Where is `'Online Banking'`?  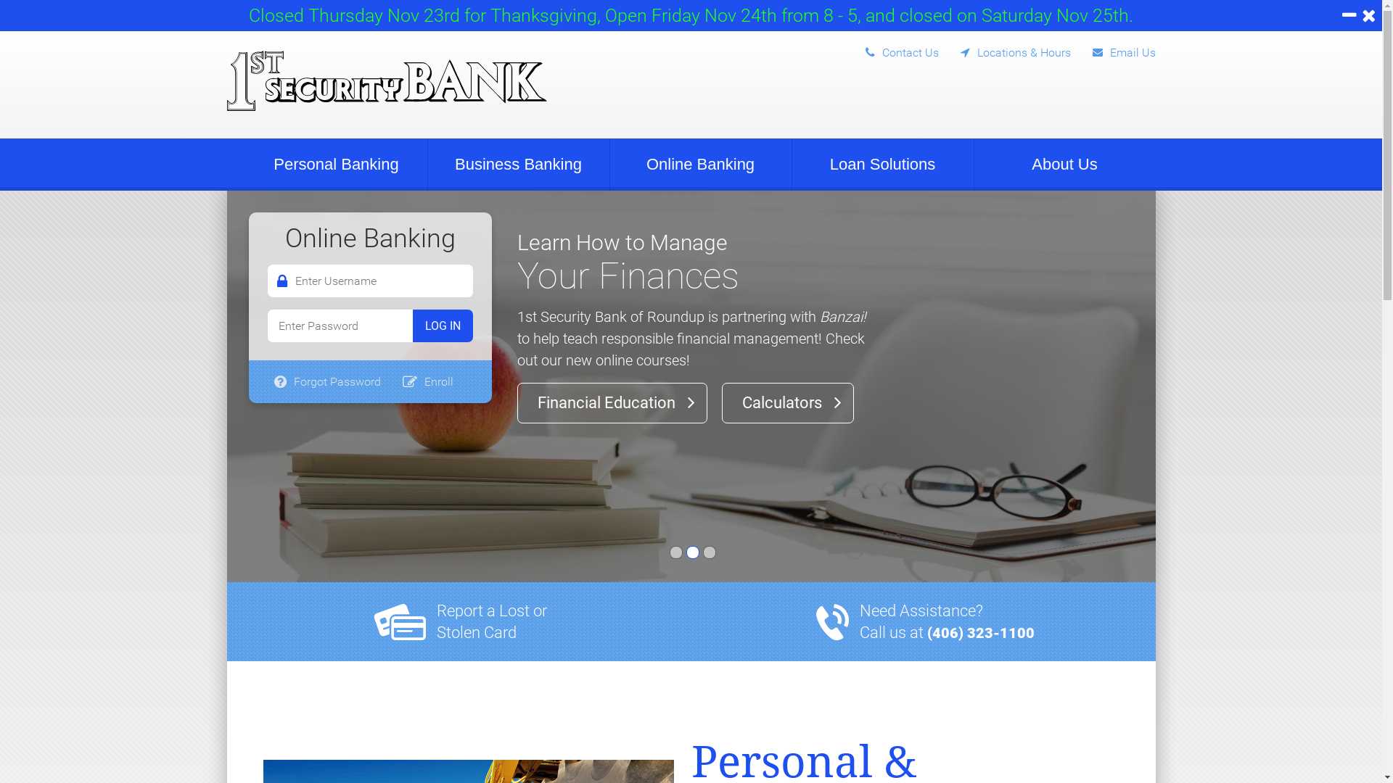 'Online Banking' is located at coordinates (609, 164).